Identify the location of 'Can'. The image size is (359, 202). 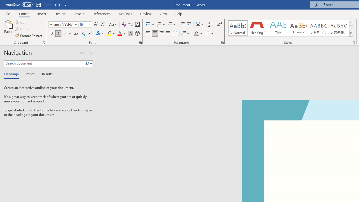
(46, 4).